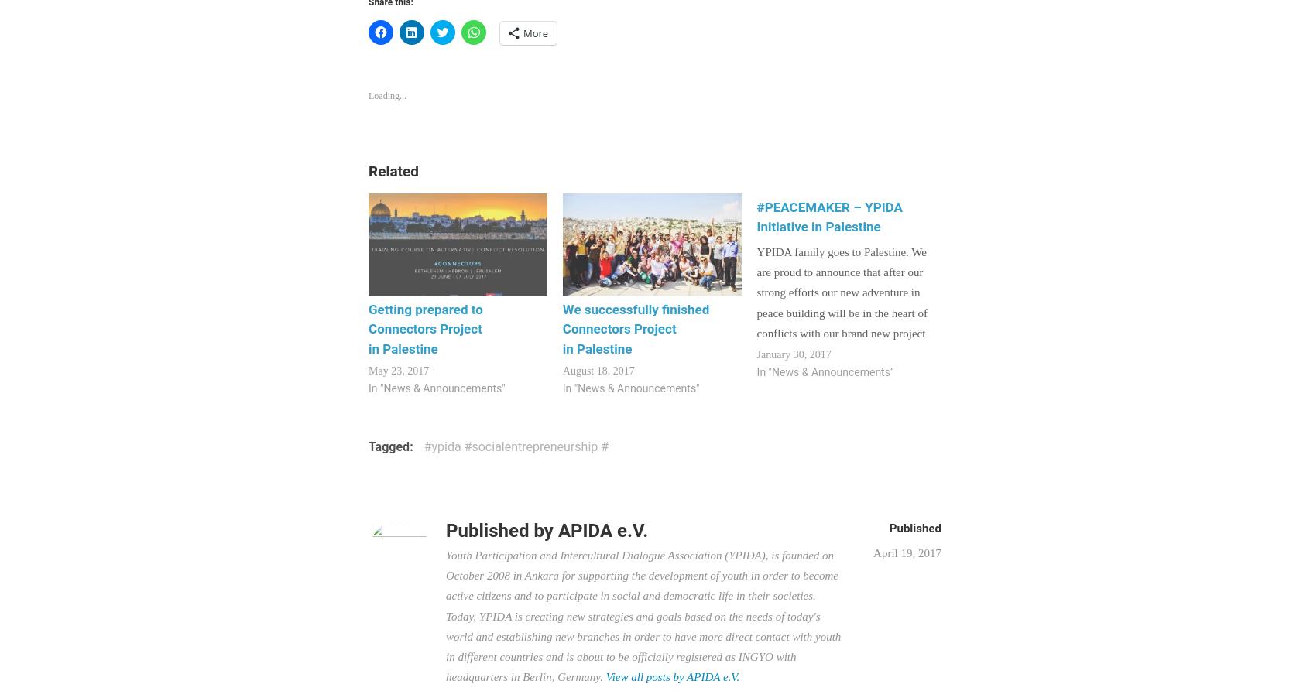  What do you see at coordinates (367, 94) in the screenshot?
I see `'Loading...'` at bounding box center [367, 94].